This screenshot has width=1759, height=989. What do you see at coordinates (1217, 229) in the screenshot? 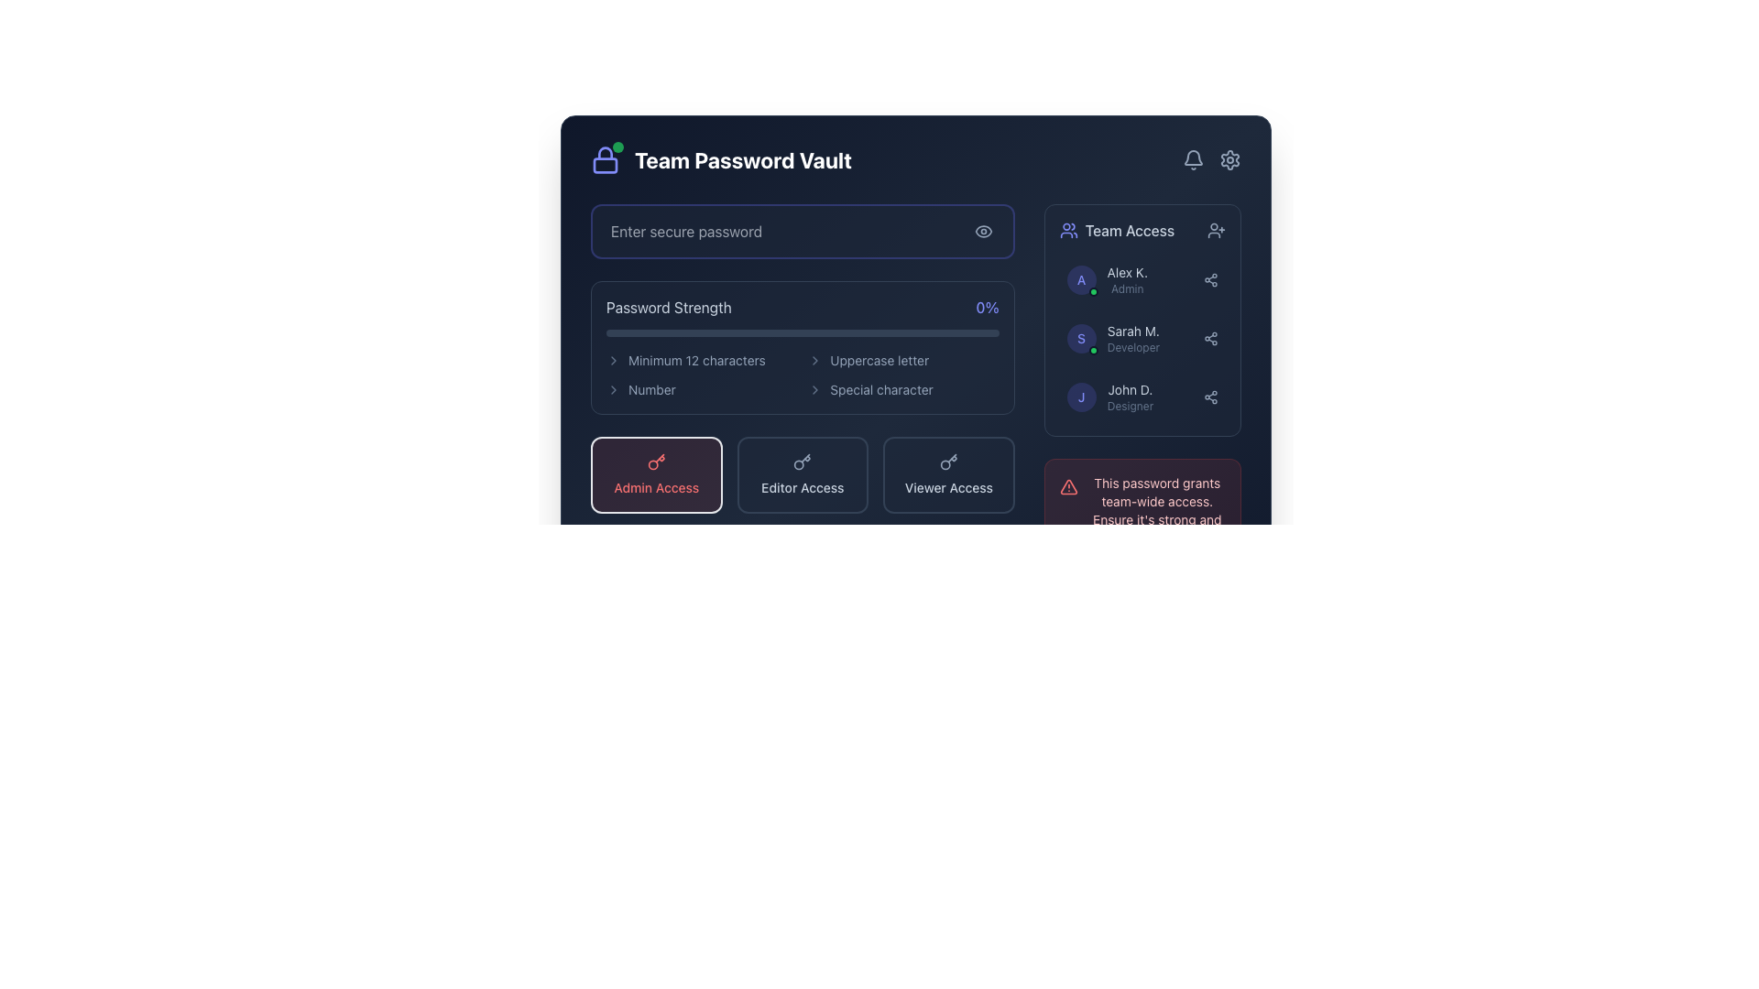
I see `the clickable icon button depicting a user with a plus sign, located to the far right of the 'Team Access' header, to trigger the indigo hover effect` at bounding box center [1217, 229].